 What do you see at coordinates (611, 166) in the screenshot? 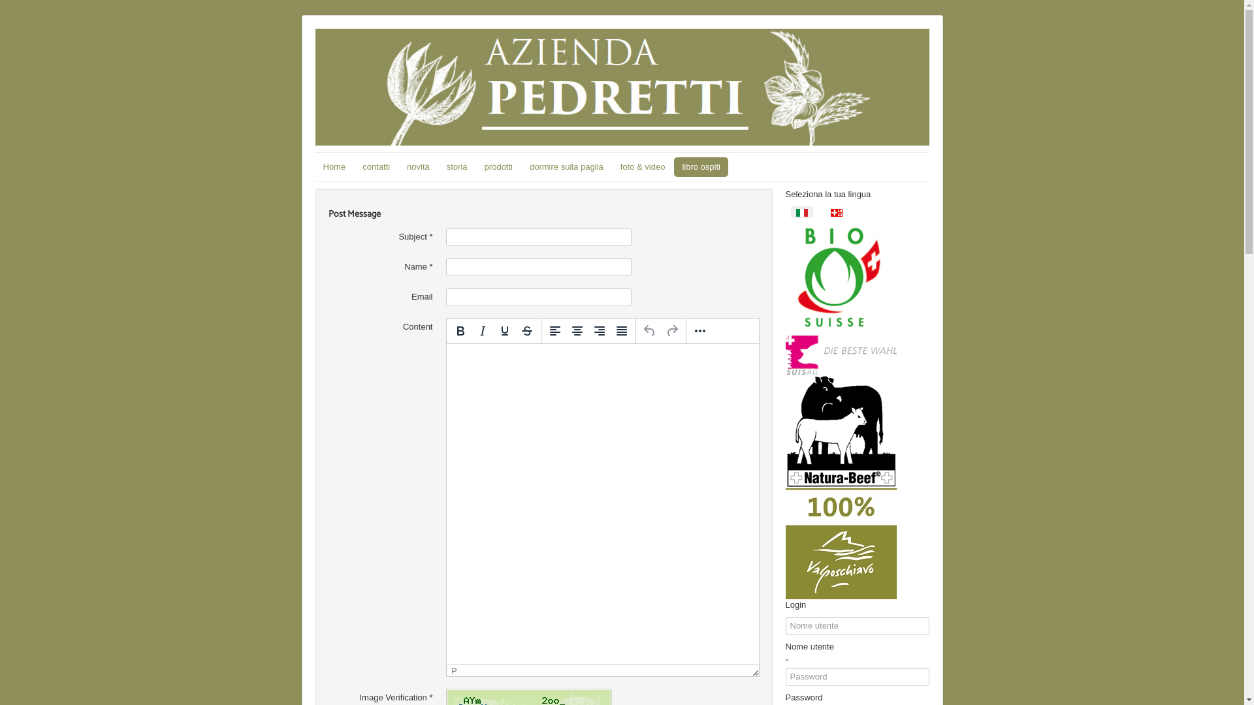
I see `'foto & video'` at bounding box center [611, 166].